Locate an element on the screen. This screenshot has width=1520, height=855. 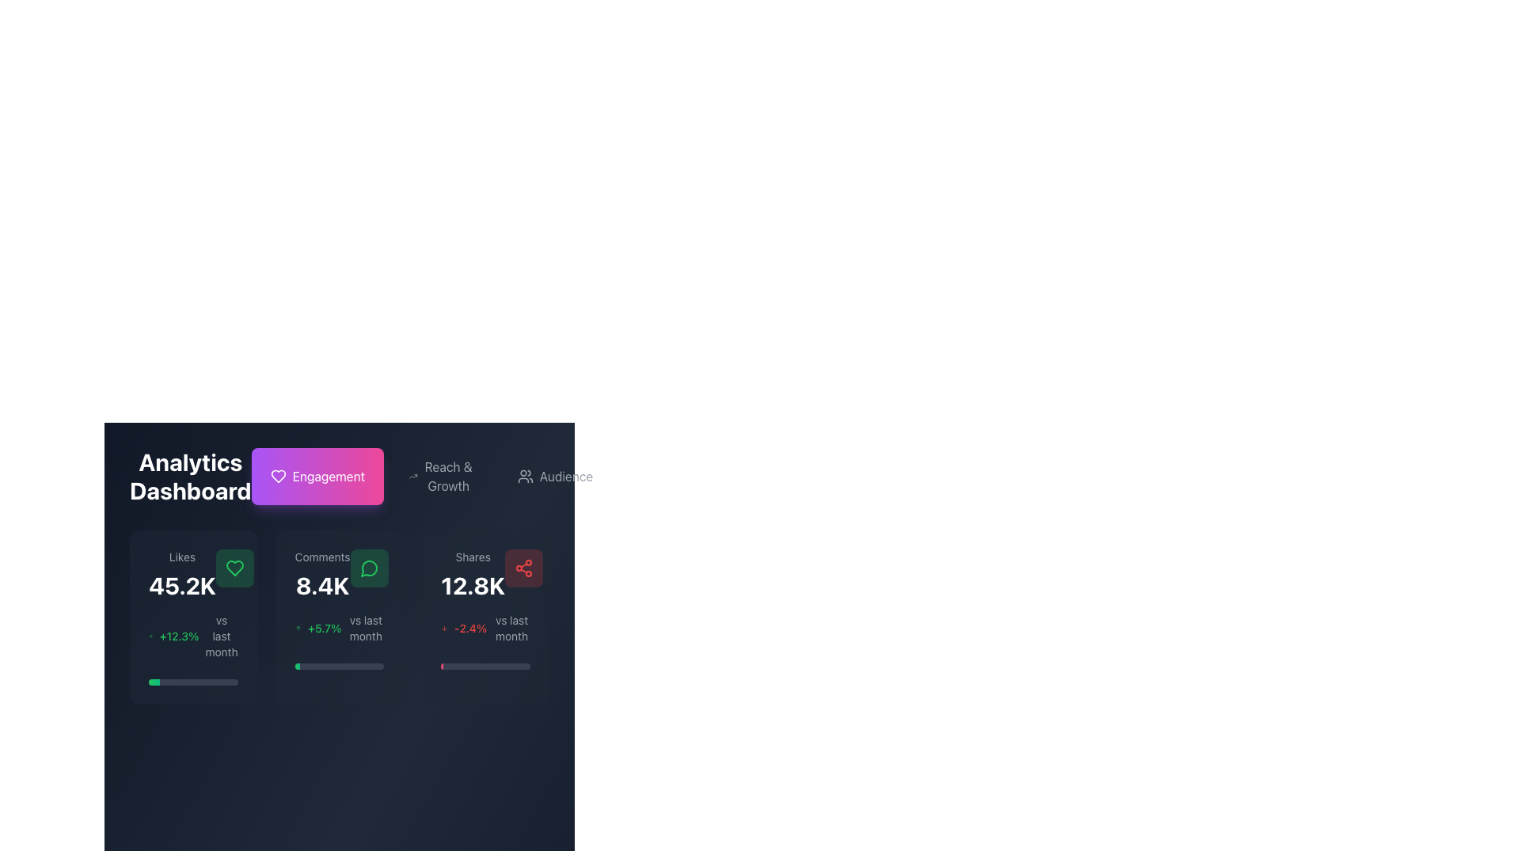
the 'Engagement' icon located at the far left of the group's content area is located at coordinates (278, 475).